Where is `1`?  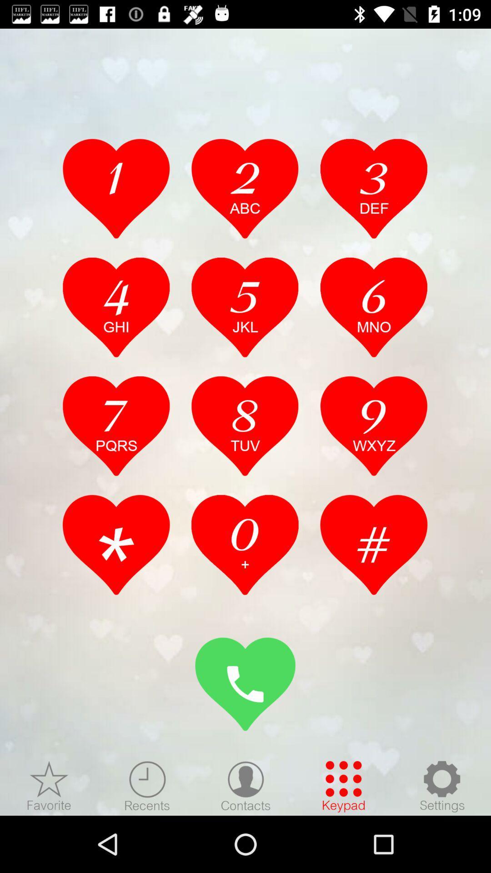
1 is located at coordinates (116, 188).